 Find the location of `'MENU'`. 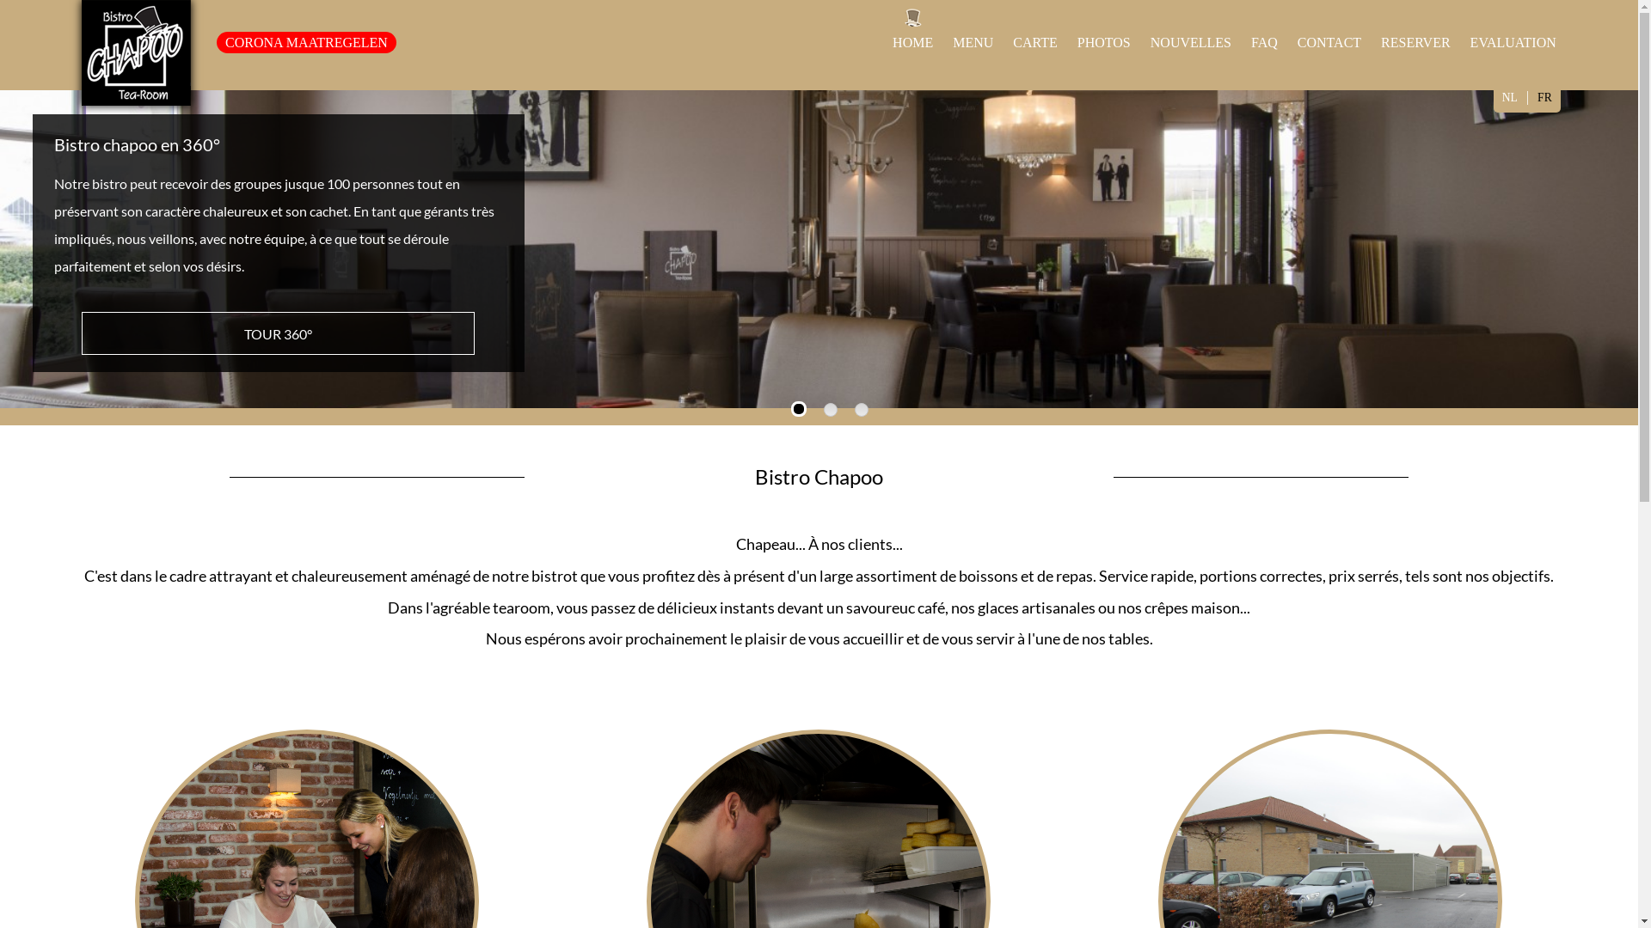

'MENU' is located at coordinates (973, 41).